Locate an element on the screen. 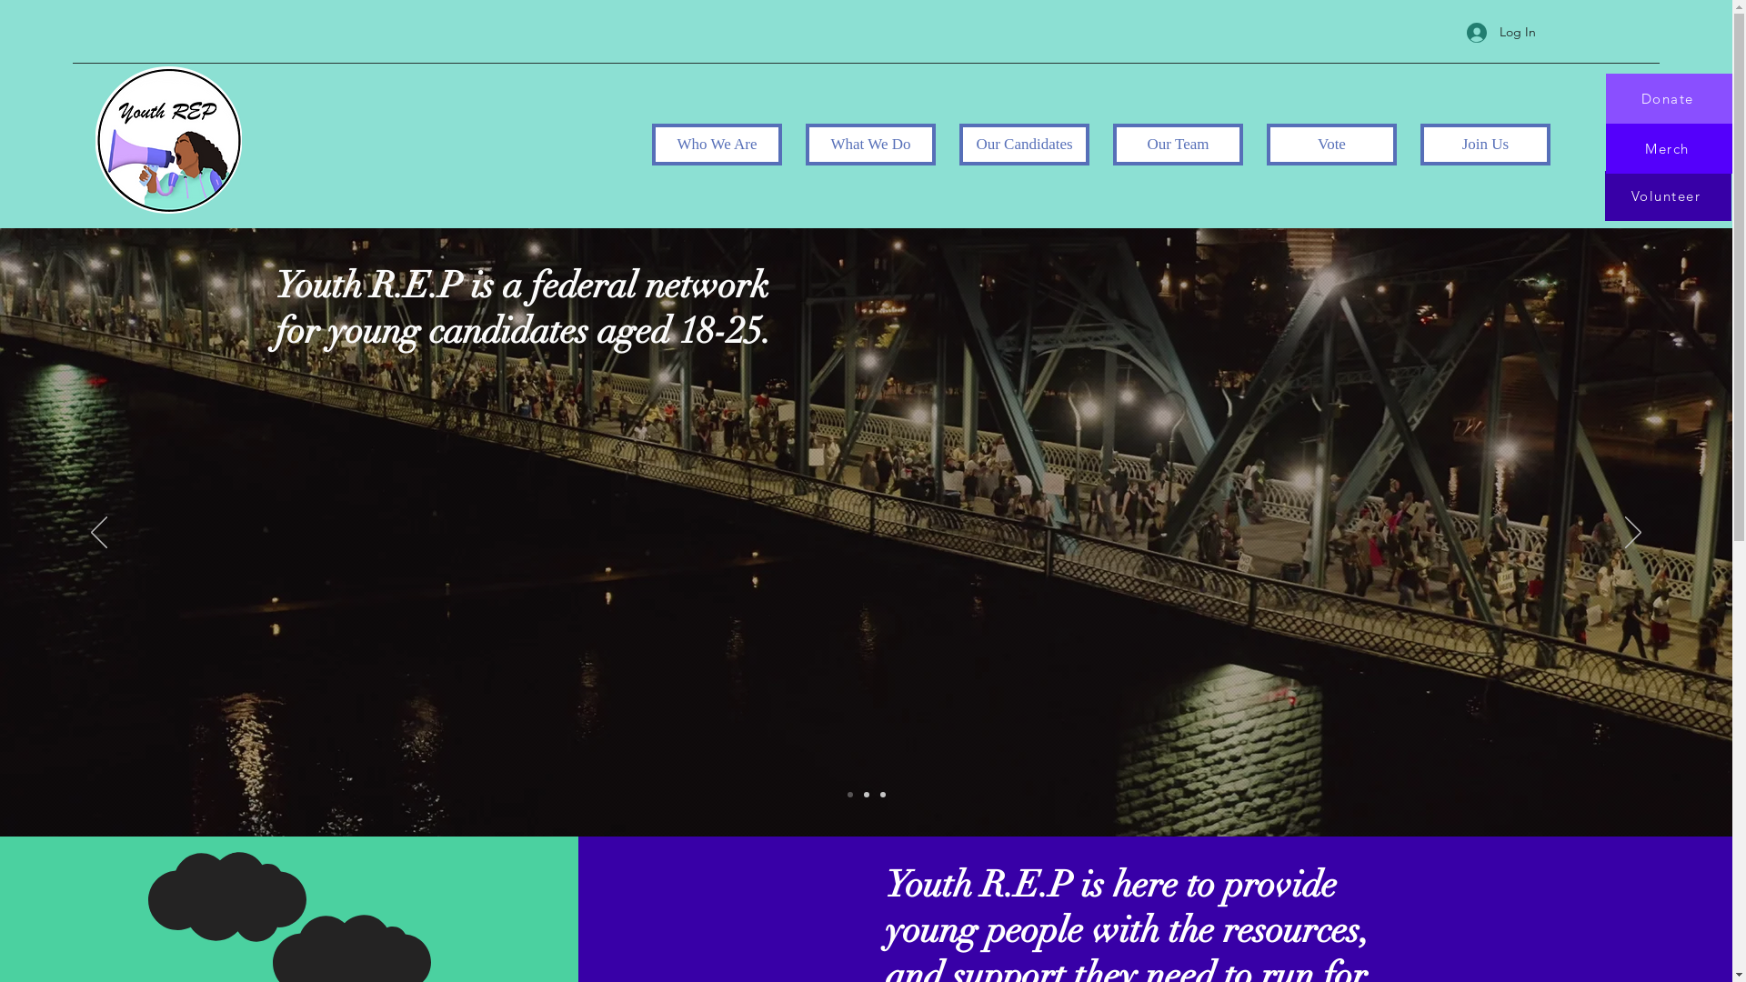 The image size is (1746, 982). 'Merch' is located at coordinates (1669, 147).